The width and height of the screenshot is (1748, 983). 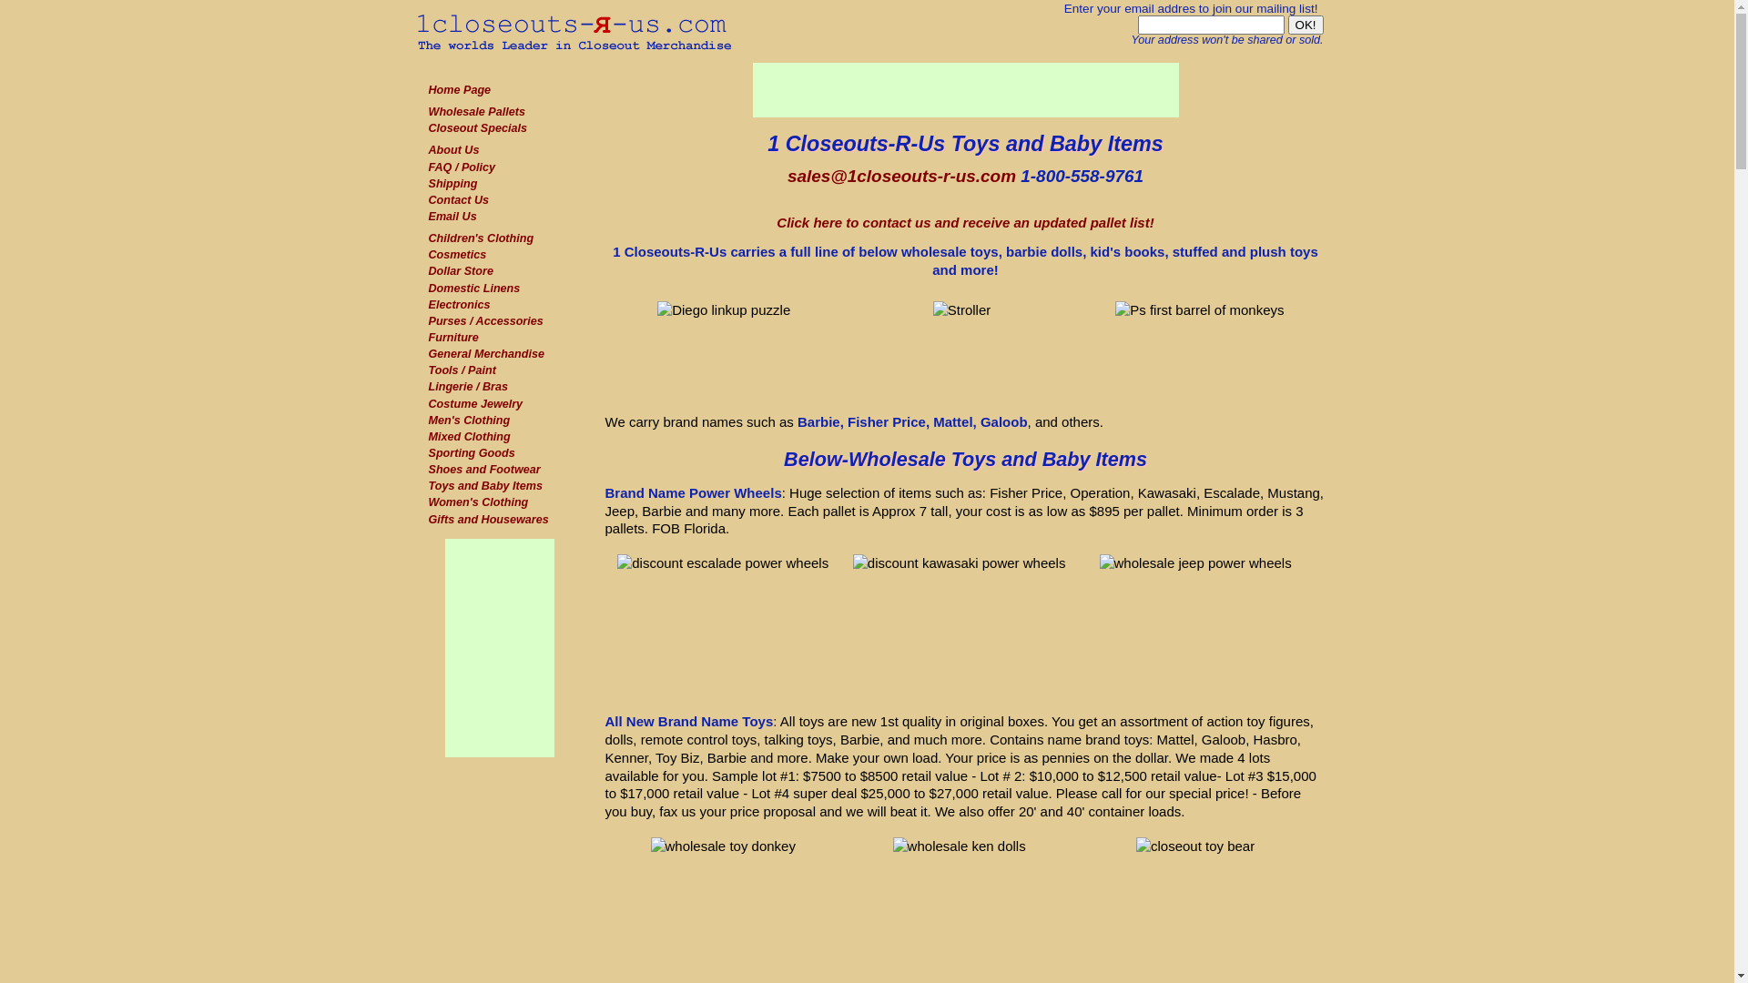 What do you see at coordinates (483, 469) in the screenshot?
I see `'Shoes and Footwear'` at bounding box center [483, 469].